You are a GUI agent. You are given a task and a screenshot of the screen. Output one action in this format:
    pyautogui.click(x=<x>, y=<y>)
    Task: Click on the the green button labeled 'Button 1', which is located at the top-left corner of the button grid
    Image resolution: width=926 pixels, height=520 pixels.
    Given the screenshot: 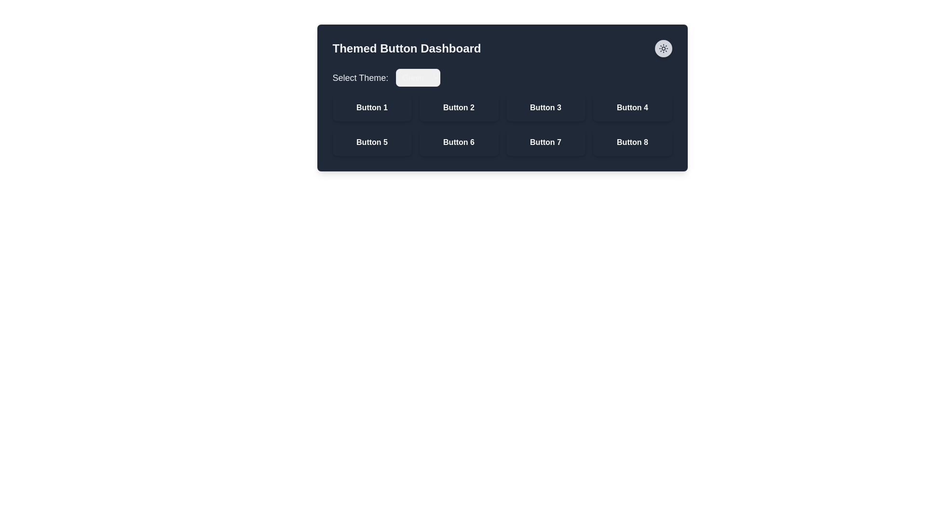 What is the action you would take?
    pyautogui.click(x=371, y=107)
    